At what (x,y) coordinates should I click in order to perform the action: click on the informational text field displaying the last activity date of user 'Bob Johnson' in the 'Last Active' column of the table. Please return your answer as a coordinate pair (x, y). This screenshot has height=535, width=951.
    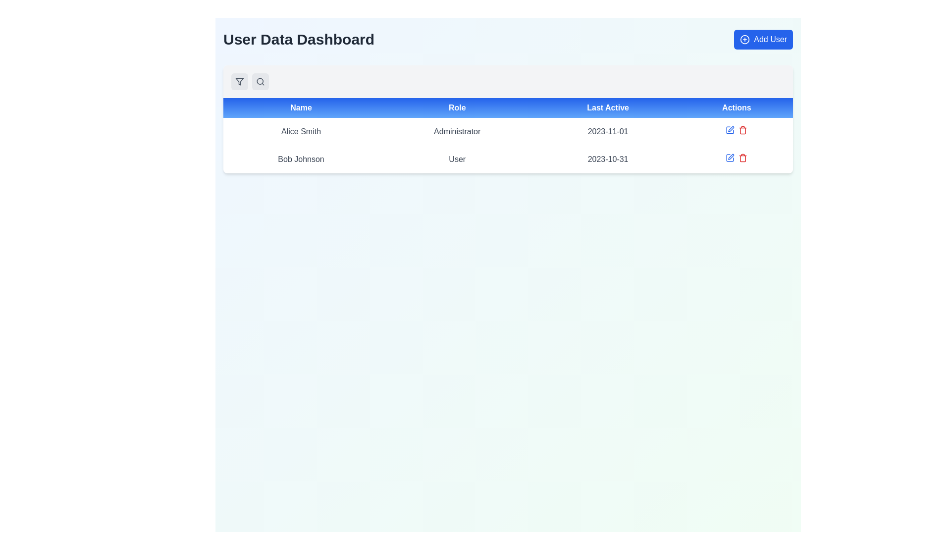
    Looking at the image, I should click on (607, 159).